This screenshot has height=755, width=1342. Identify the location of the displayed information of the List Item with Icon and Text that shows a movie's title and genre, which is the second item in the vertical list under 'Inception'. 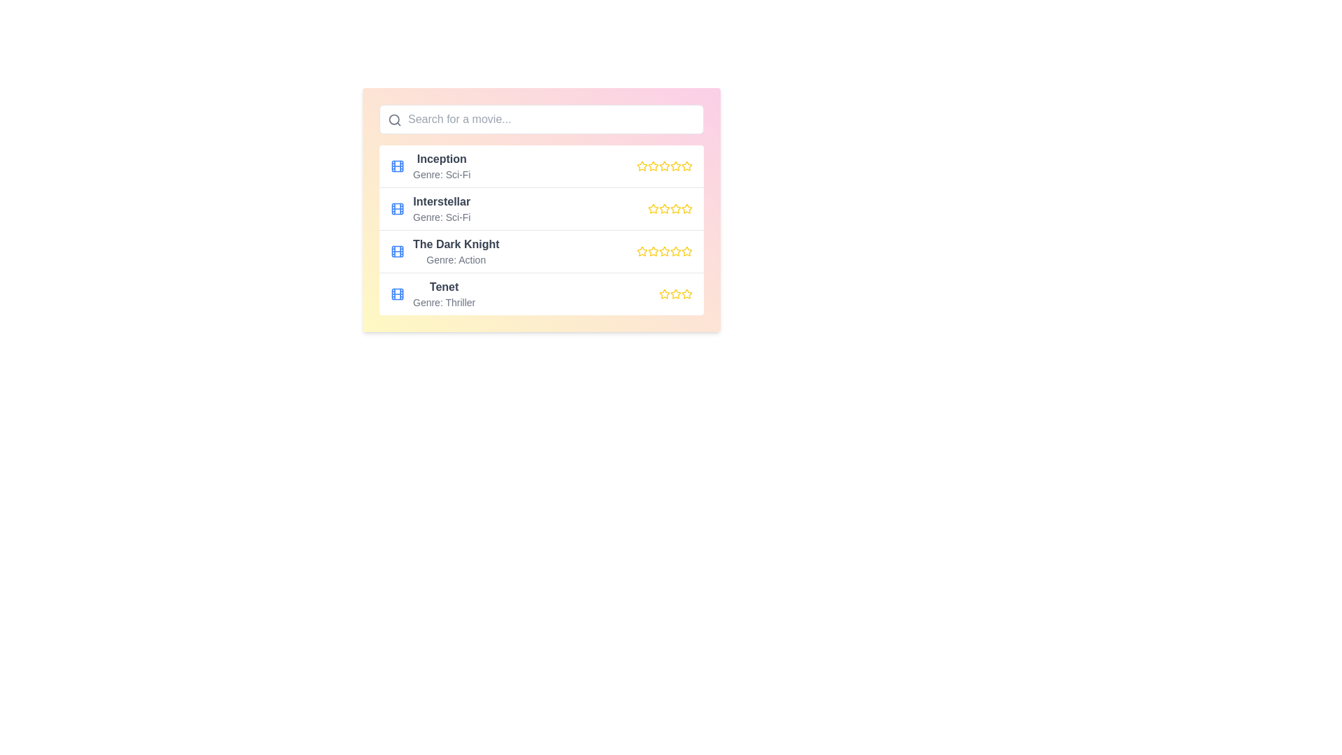
(430, 209).